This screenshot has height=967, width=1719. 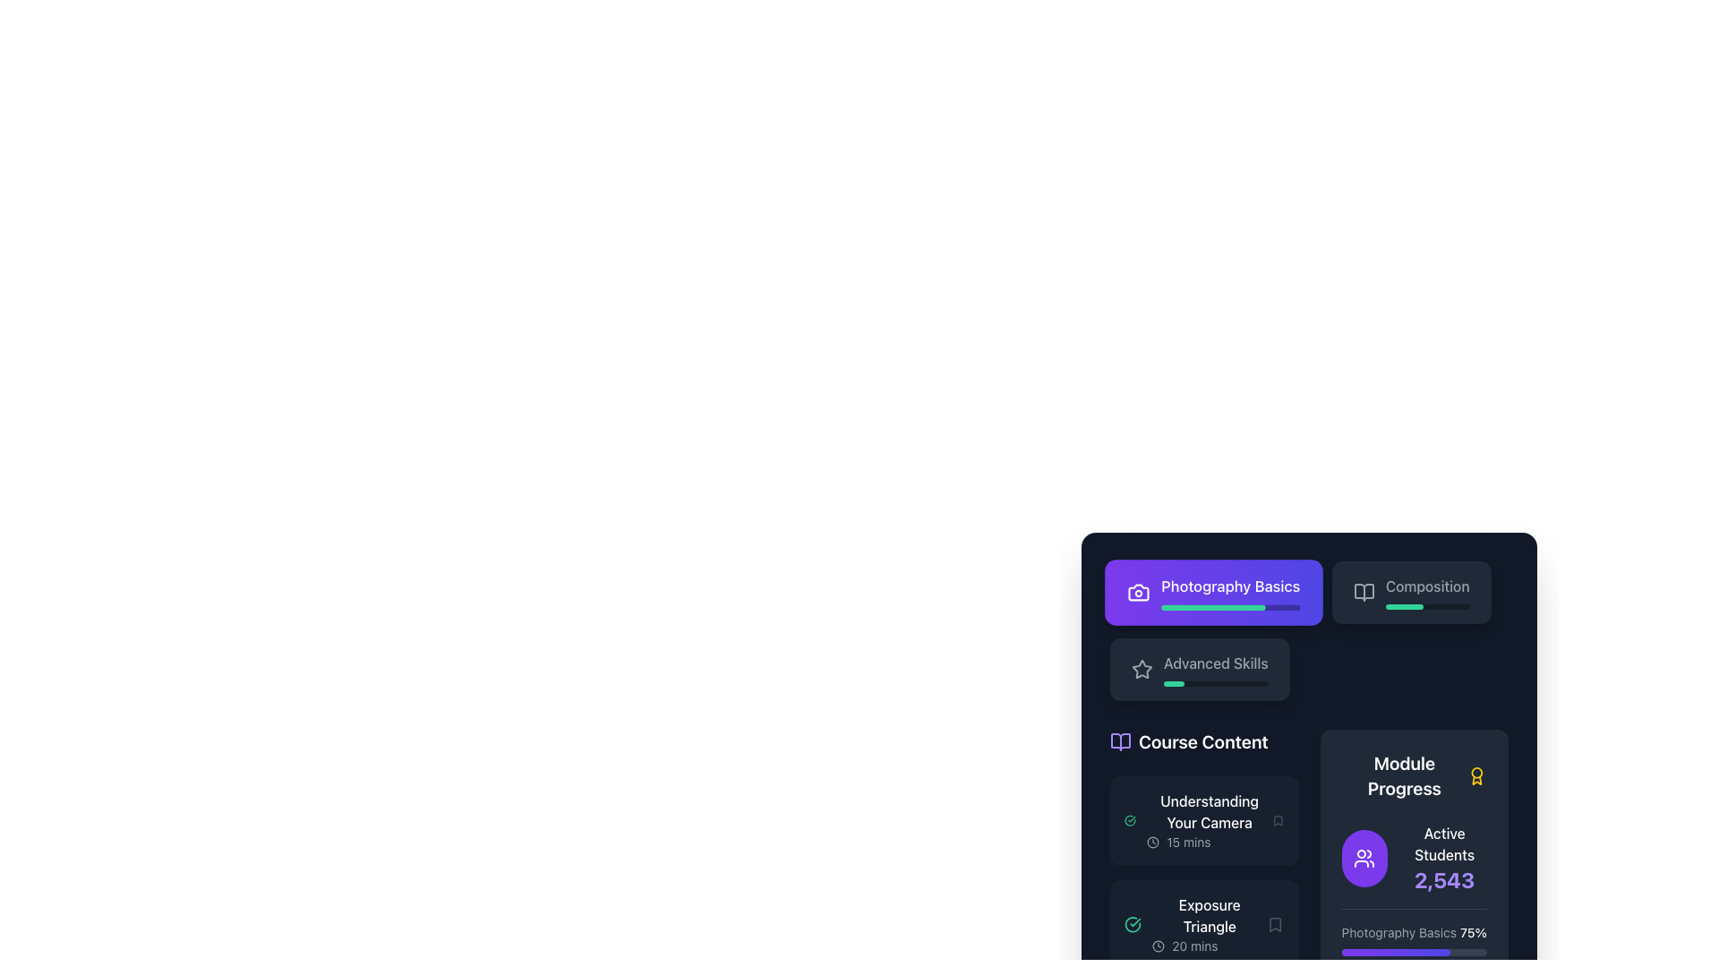 What do you see at coordinates (1474, 931) in the screenshot?
I see `the progress percentage text label located in the 'Module Progress' section, adjacent to 'Photography Basics'` at bounding box center [1474, 931].